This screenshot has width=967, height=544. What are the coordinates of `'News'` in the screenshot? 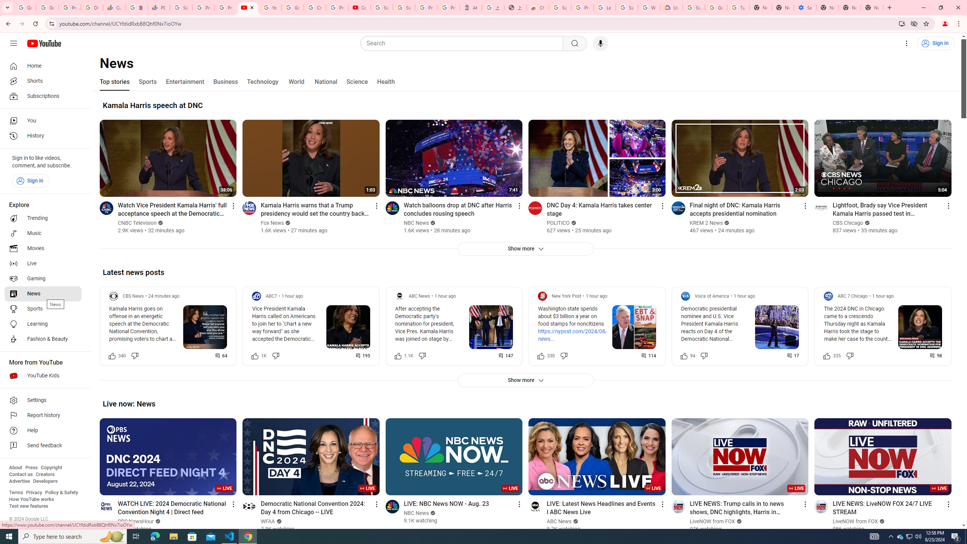 It's located at (43, 294).